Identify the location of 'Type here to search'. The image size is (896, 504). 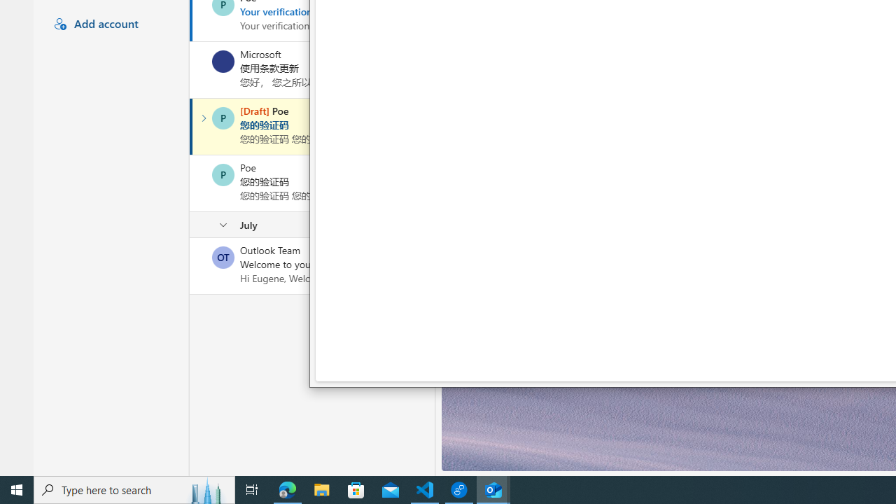
(134, 489).